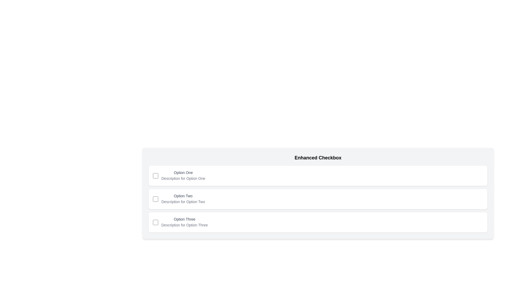 The image size is (508, 286). Describe the element at coordinates (317, 158) in the screenshot. I see `the text header labeled 'Enhanced Checkbox', which is styled in bold with a larger font size and is located at the top of a section containing checkbox options` at that location.